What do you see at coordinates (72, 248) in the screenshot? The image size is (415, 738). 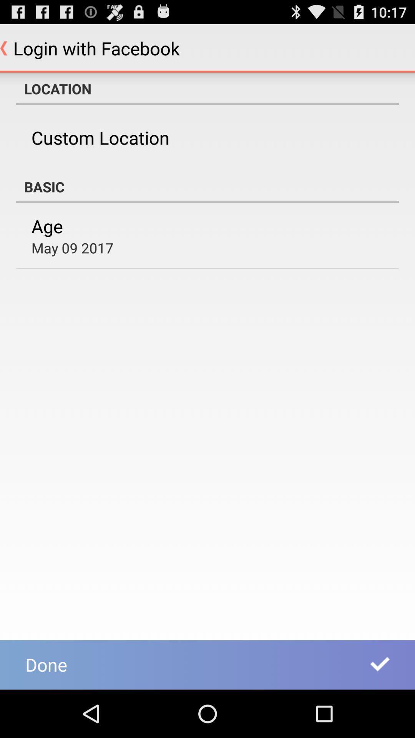 I see `app below age icon` at bounding box center [72, 248].